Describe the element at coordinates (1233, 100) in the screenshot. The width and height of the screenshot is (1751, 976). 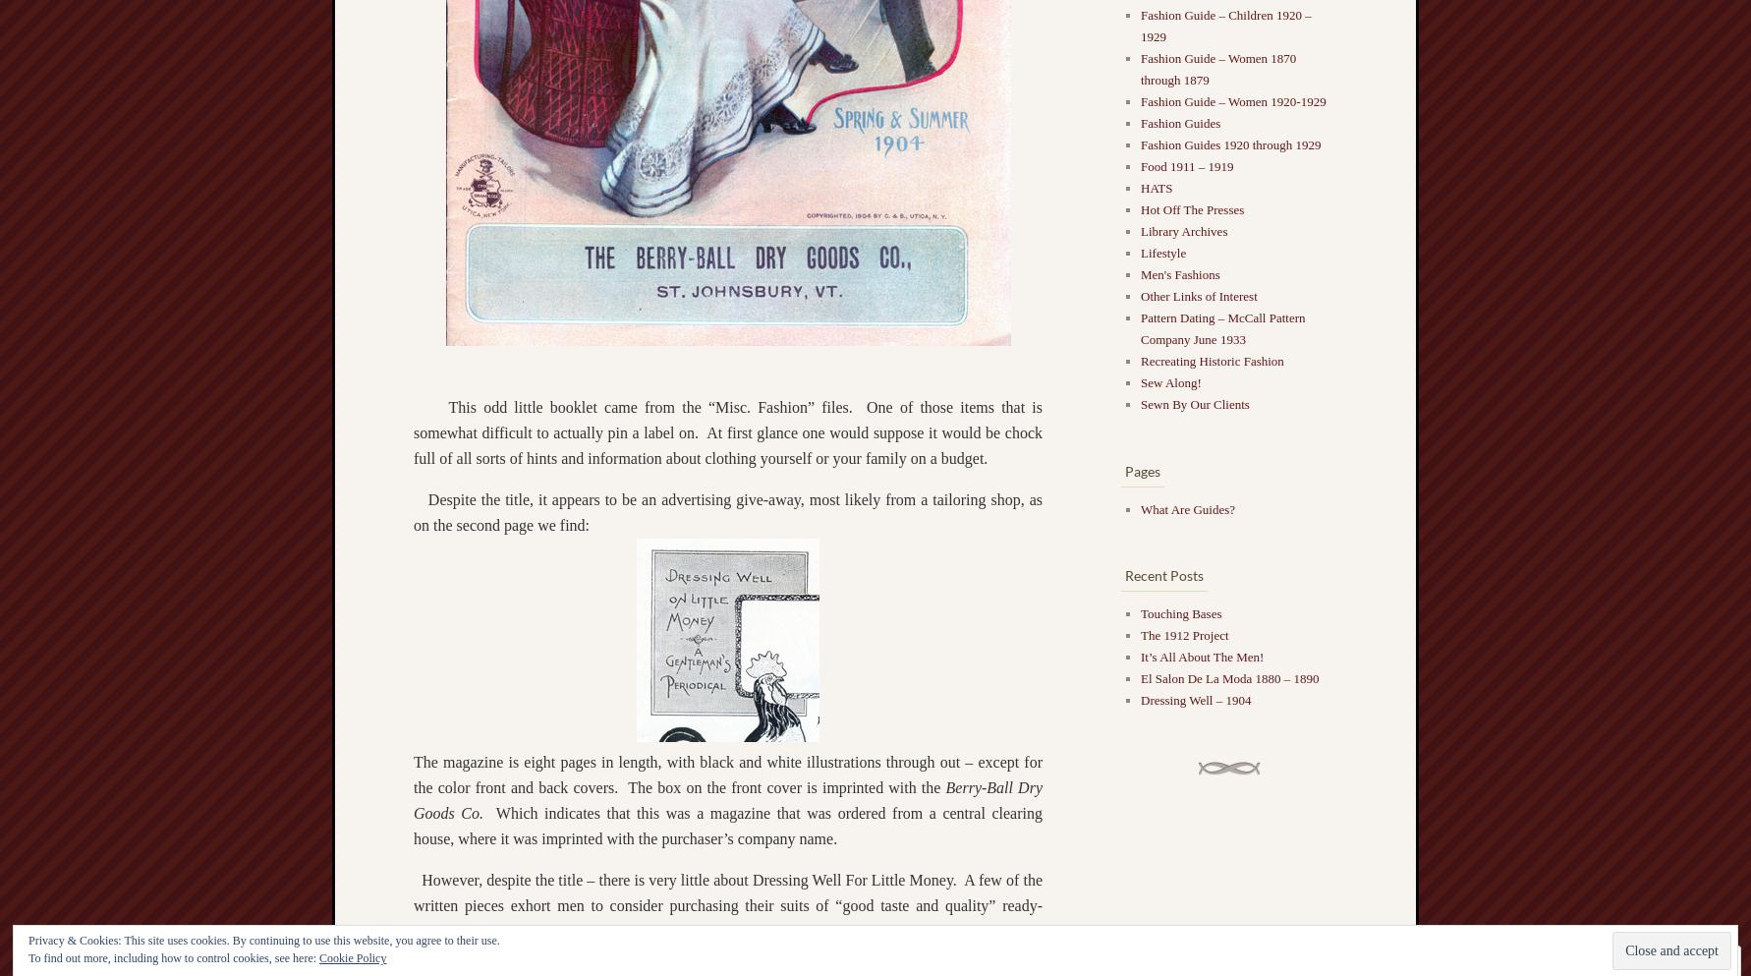
I see `'Fashion Guide – Women 1920-1929'` at that location.